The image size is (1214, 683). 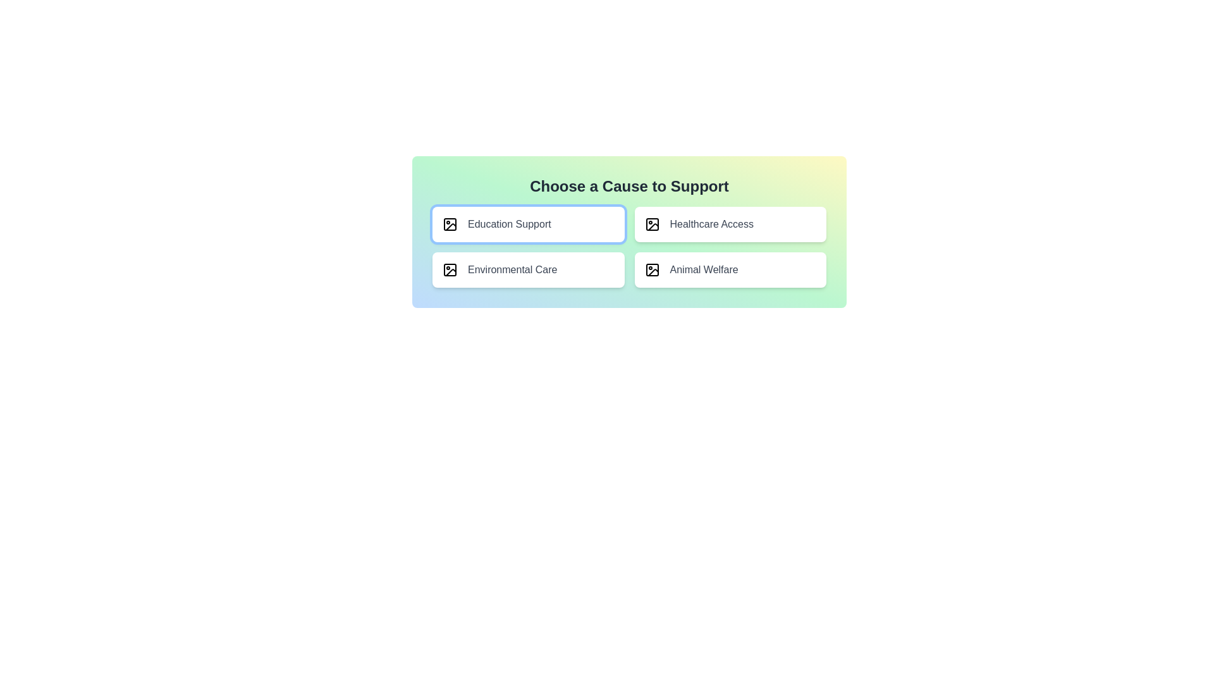 I want to click on the text label 'Healthcare Access' located in the second column of the first row, which clarifies its purpose related to healthcare options, so click(x=711, y=223).